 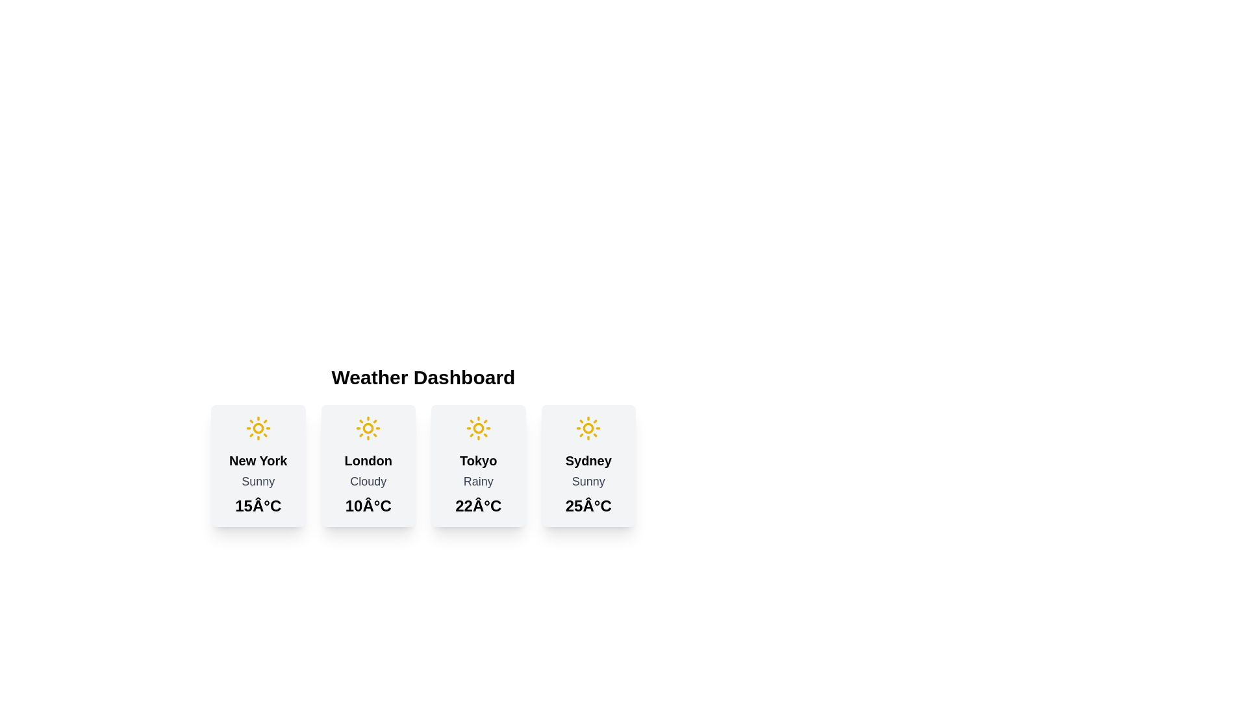 I want to click on the yellow sun icon representing sunny weather for 'London' located in the weather block under the 'Weather Dashboard', so click(x=368, y=428).